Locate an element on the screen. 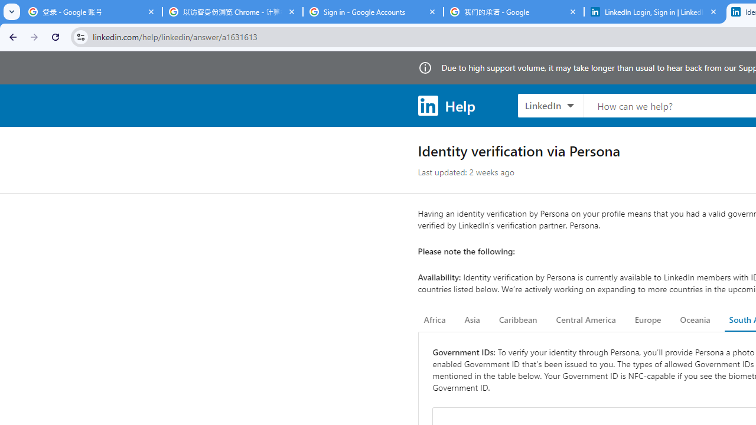  'LinkedIn Login, Sign in | LinkedIn' is located at coordinates (654, 12).